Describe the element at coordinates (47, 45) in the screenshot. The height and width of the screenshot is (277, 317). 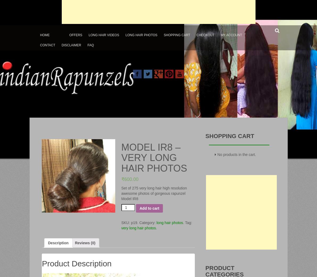
I see `'Contact'` at that location.